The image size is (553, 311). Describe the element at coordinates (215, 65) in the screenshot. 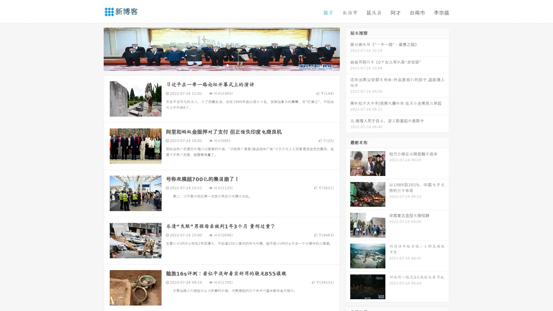

I see `Go to slide 1` at that location.